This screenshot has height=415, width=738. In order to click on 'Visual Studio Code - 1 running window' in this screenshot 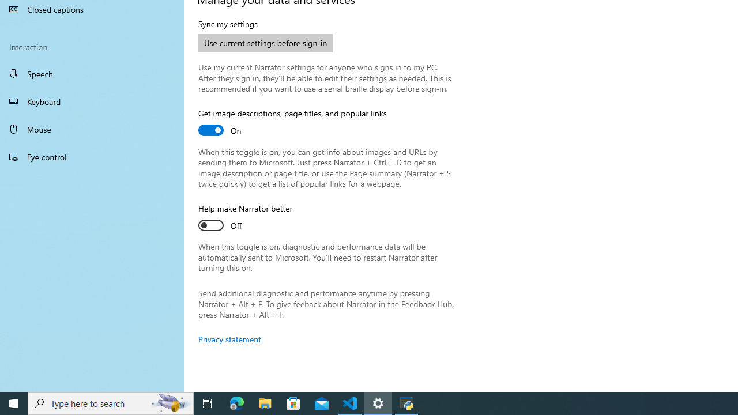, I will do `click(349, 402)`.